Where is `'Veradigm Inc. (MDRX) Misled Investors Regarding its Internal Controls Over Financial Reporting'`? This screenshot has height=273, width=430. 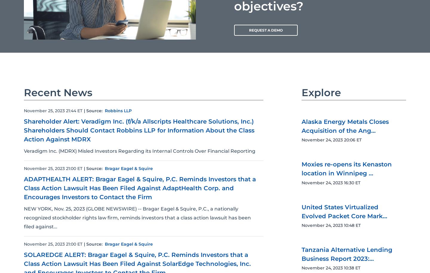 'Veradigm Inc. (MDRX) Misled Investors Regarding its Internal Controls Over Financial Reporting' is located at coordinates (24, 150).